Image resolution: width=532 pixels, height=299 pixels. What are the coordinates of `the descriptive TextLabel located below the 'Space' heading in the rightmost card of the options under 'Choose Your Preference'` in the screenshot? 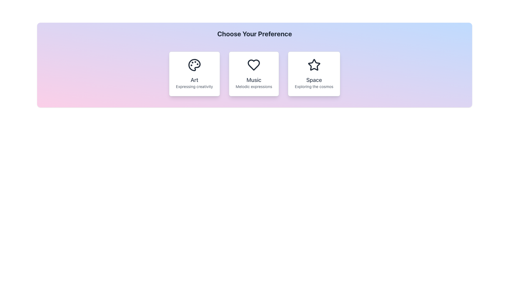 It's located at (314, 86).